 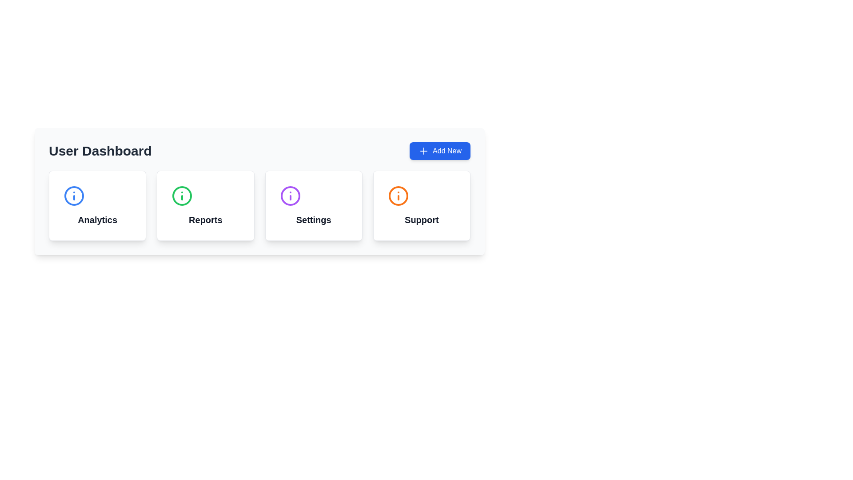 What do you see at coordinates (97, 220) in the screenshot?
I see `the text label displaying 'Analytics' located below the information icon within the first card of the User Dashboard interface` at bounding box center [97, 220].